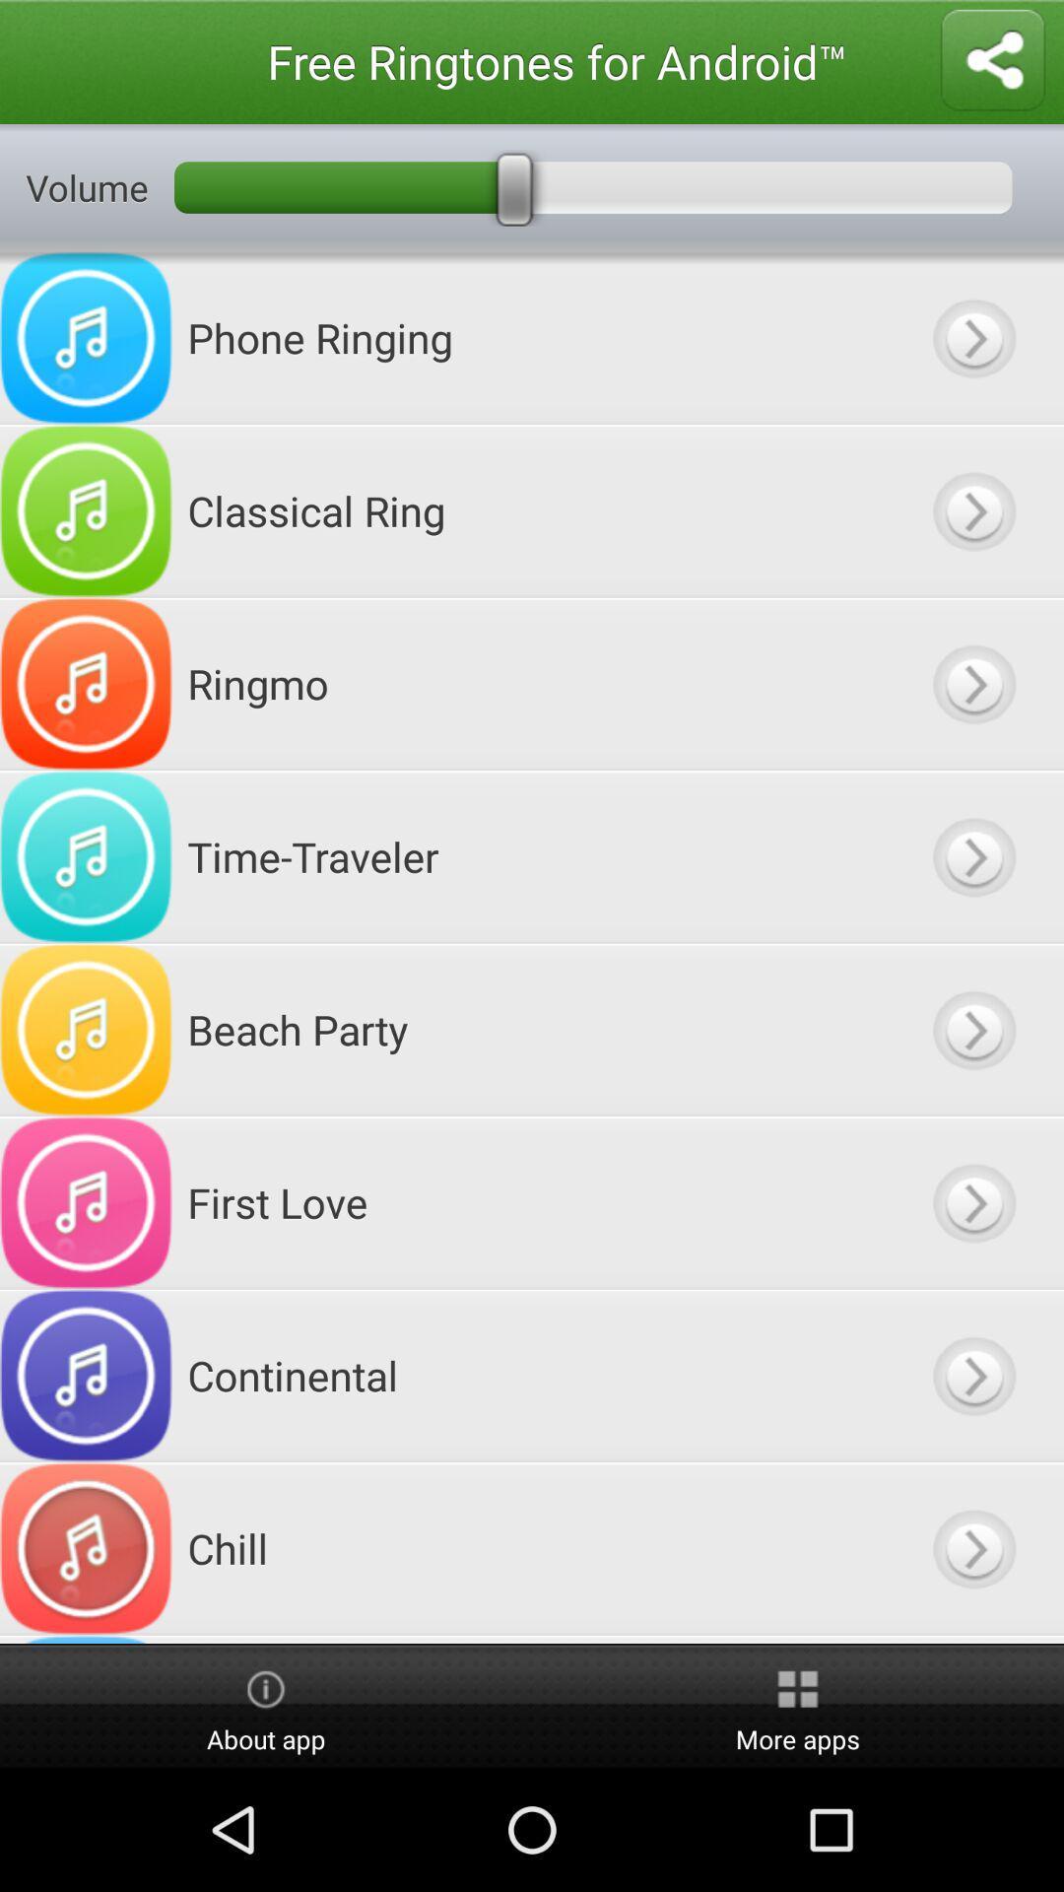  What do you see at coordinates (972, 510) in the screenshot?
I see `previous` at bounding box center [972, 510].